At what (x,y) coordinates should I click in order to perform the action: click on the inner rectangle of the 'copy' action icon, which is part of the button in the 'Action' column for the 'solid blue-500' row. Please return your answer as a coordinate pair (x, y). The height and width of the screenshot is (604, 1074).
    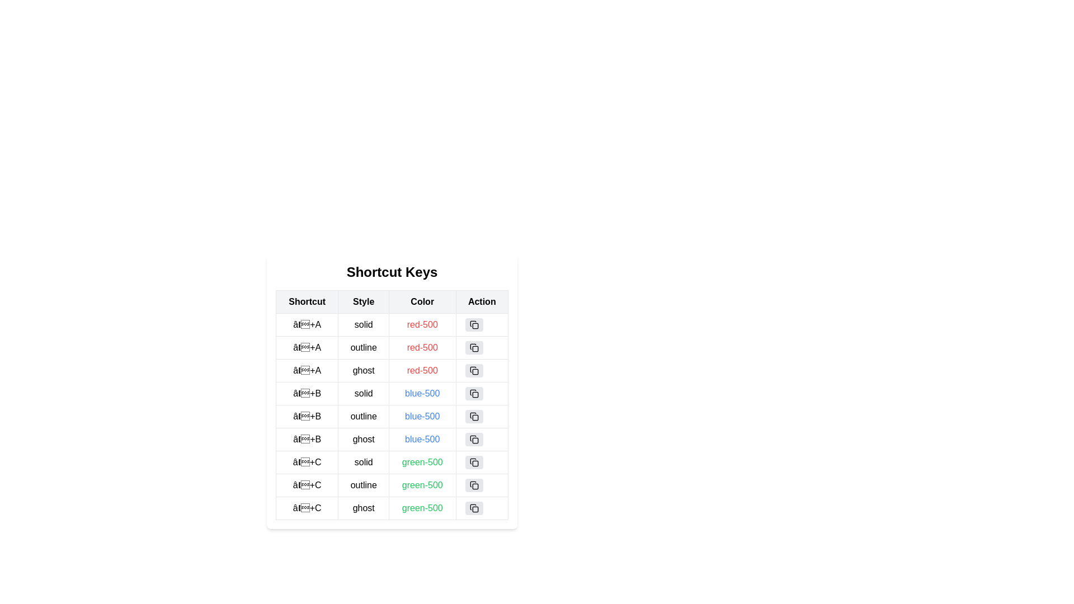
    Looking at the image, I should click on (475, 394).